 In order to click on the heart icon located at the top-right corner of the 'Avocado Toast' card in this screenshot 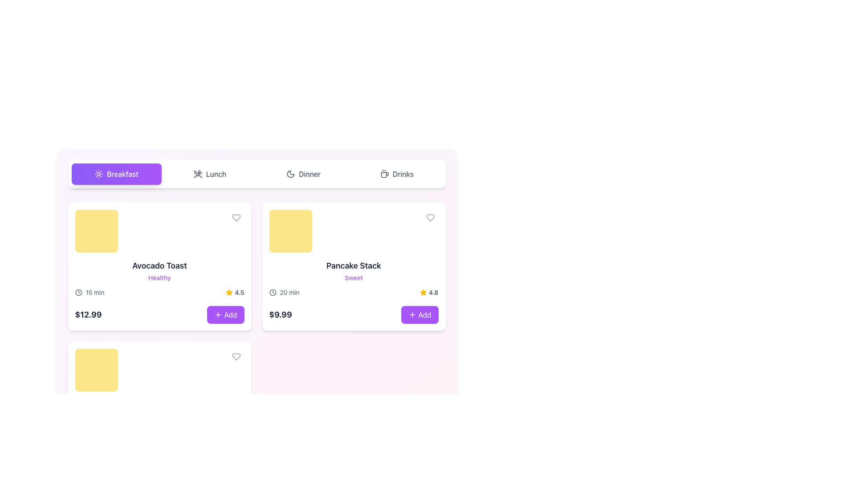, I will do `click(236, 356)`.